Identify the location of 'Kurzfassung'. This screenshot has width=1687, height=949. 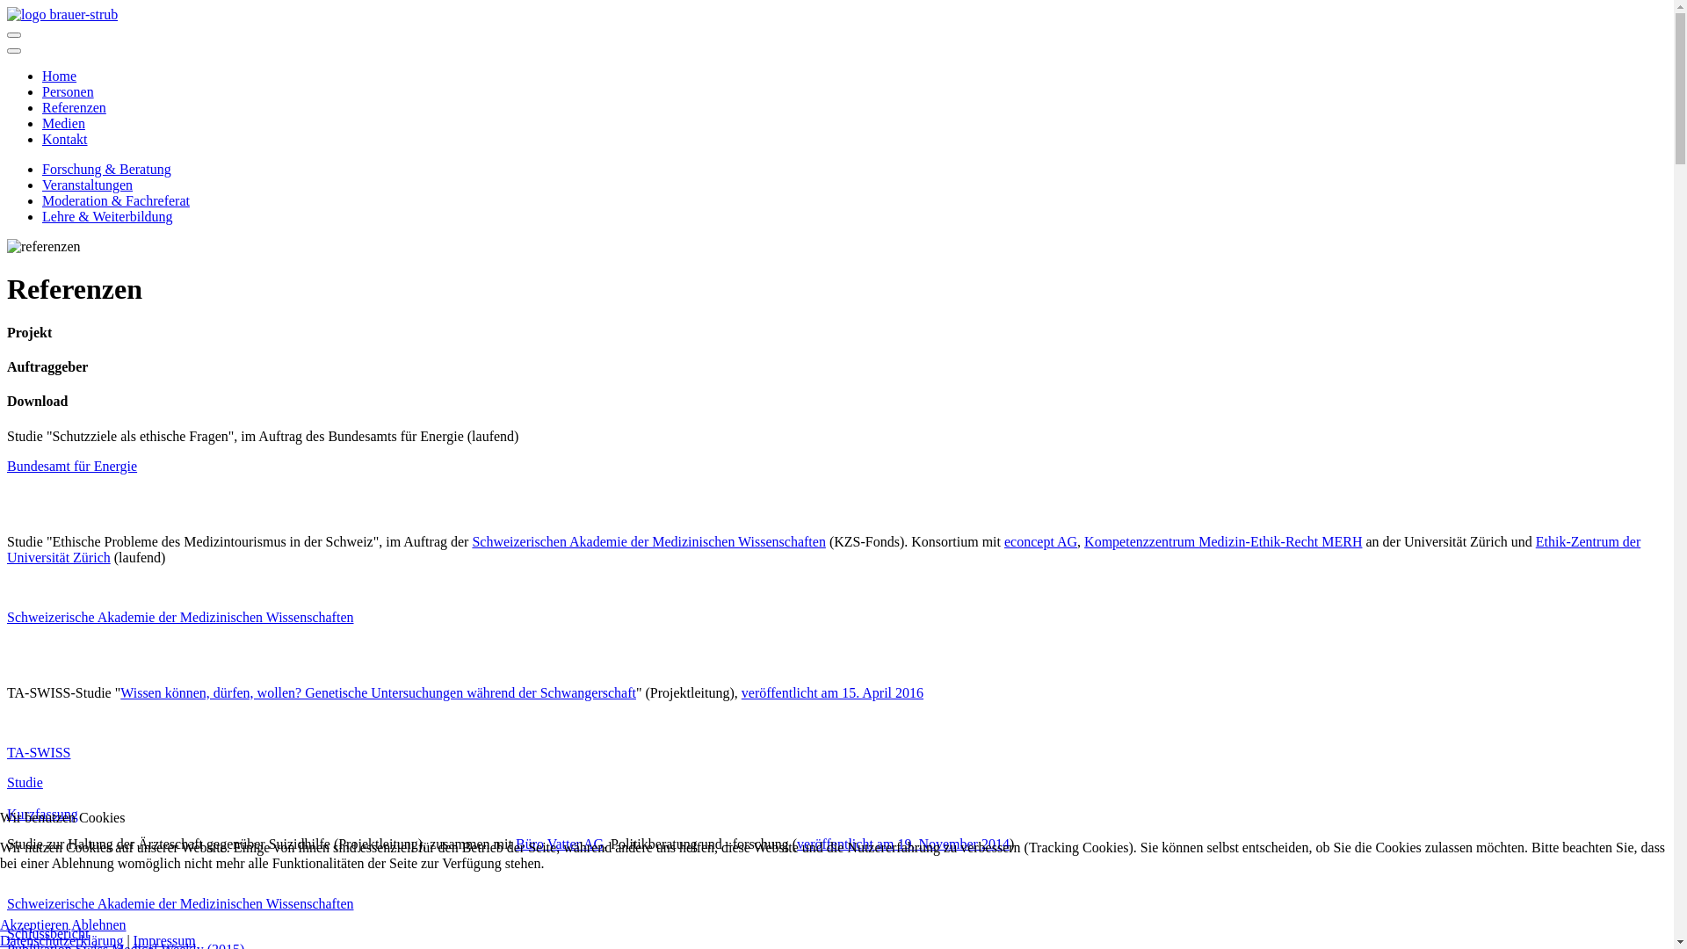
(42, 814).